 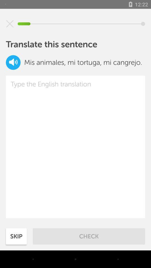 I want to click on listen to translation, so click(x=13, y=62).